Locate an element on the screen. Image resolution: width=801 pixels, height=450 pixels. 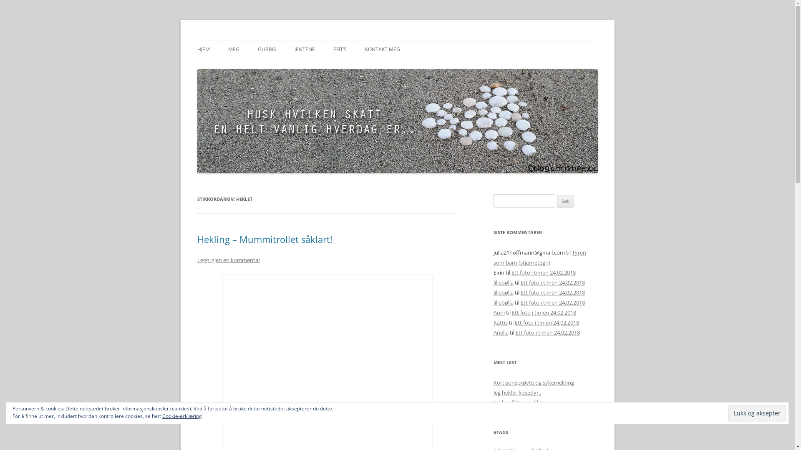
'Anni' is located at coordinates (493, 312).